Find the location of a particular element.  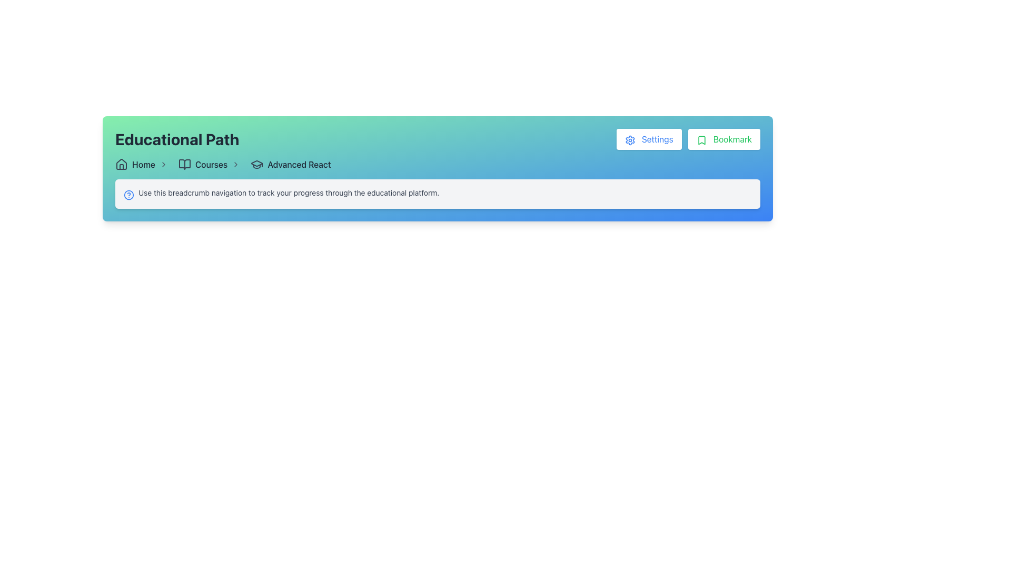

the blue circular icon with a question mark, located before the descriptive text 'Use this breadcrumb navigation' is located at coordinates (128, 195).